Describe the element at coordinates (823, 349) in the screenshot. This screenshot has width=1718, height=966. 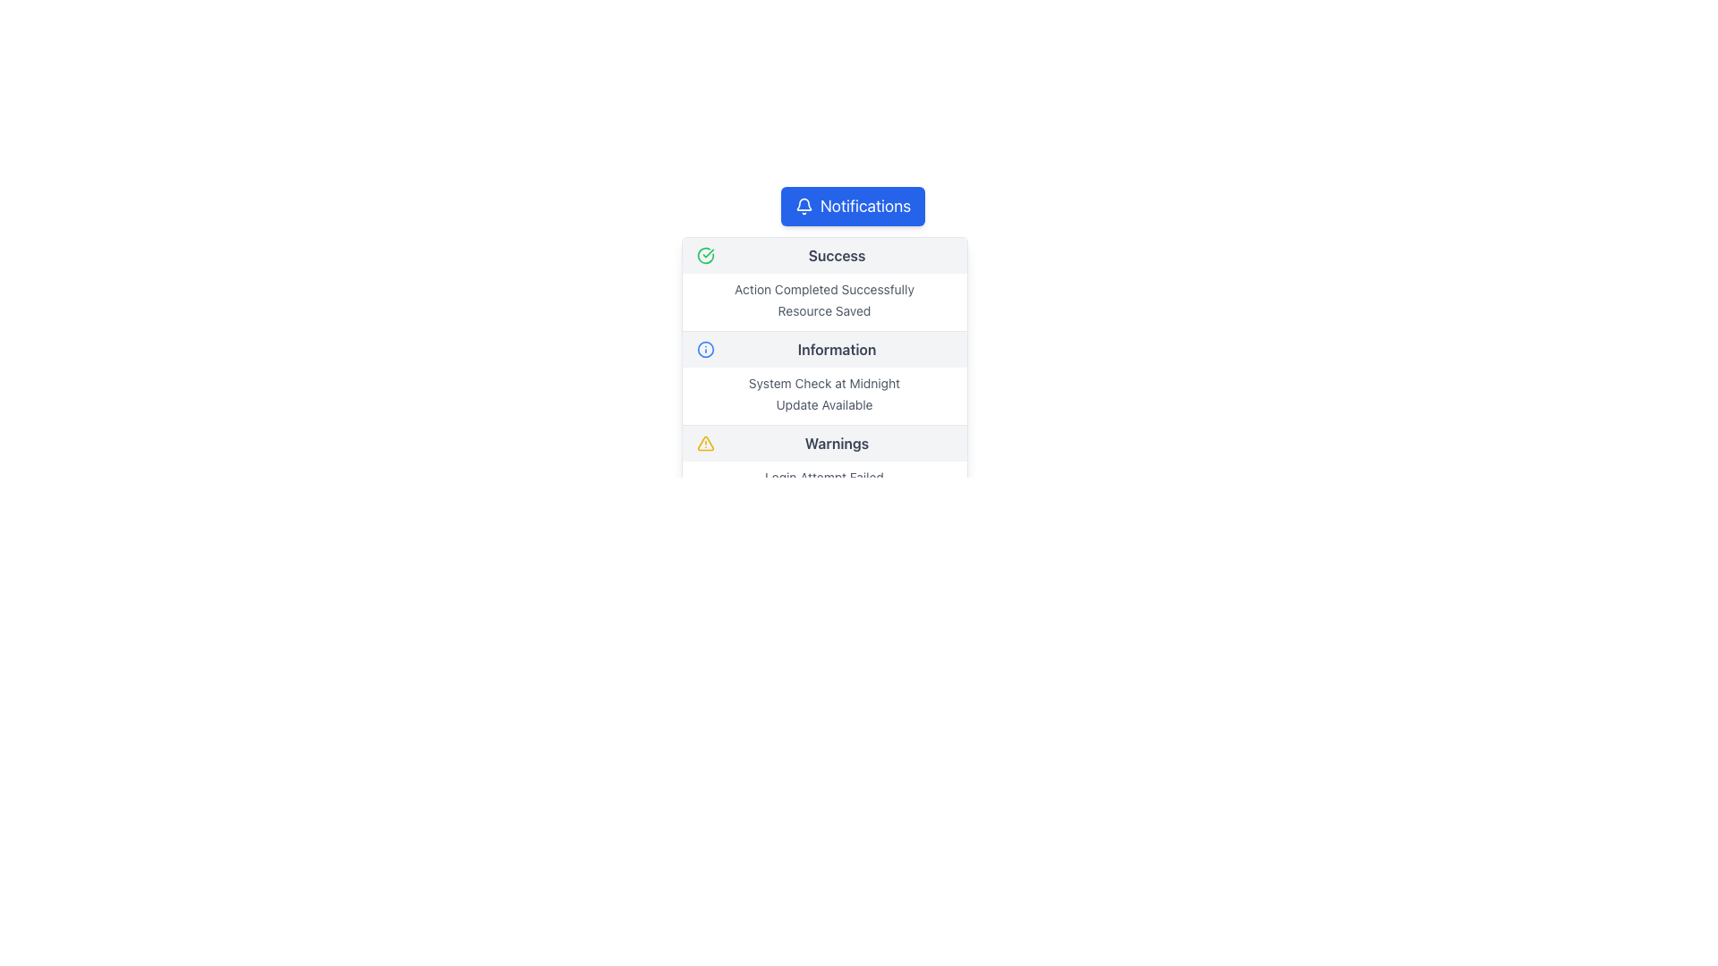
I see `the blue circular icon with an 'i' symbol and the bold text 'Information' in the notifications panel, which is the second item listed under notifications` at that location.